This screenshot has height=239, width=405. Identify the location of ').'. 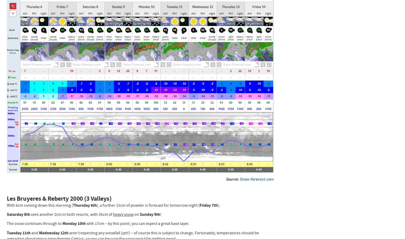
(217, 205).